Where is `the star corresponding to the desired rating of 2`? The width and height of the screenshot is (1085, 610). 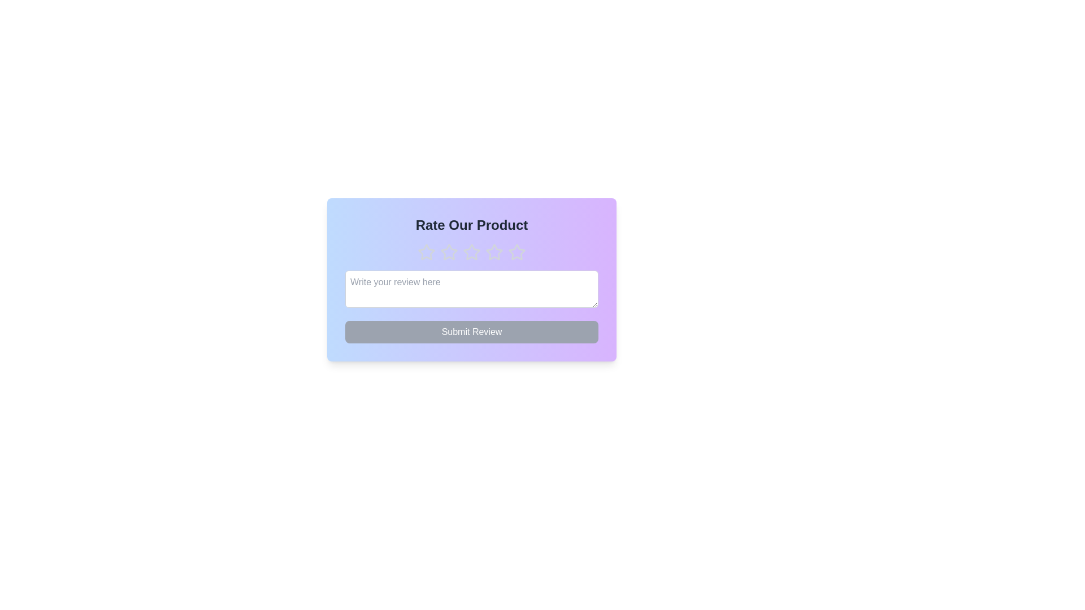
the star corresponding to the desired rating of 2 is located at coordinates (449, 252).